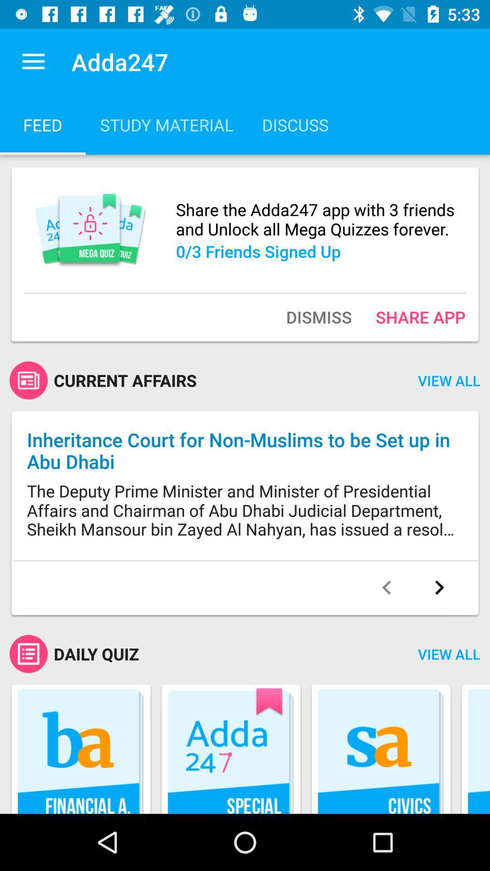 This screenshot has width=490, height=871. What do you see at coordinates (387, 587) in the screenshot?
I see `the arrow_backward icon` at bounding box center [387, 587].